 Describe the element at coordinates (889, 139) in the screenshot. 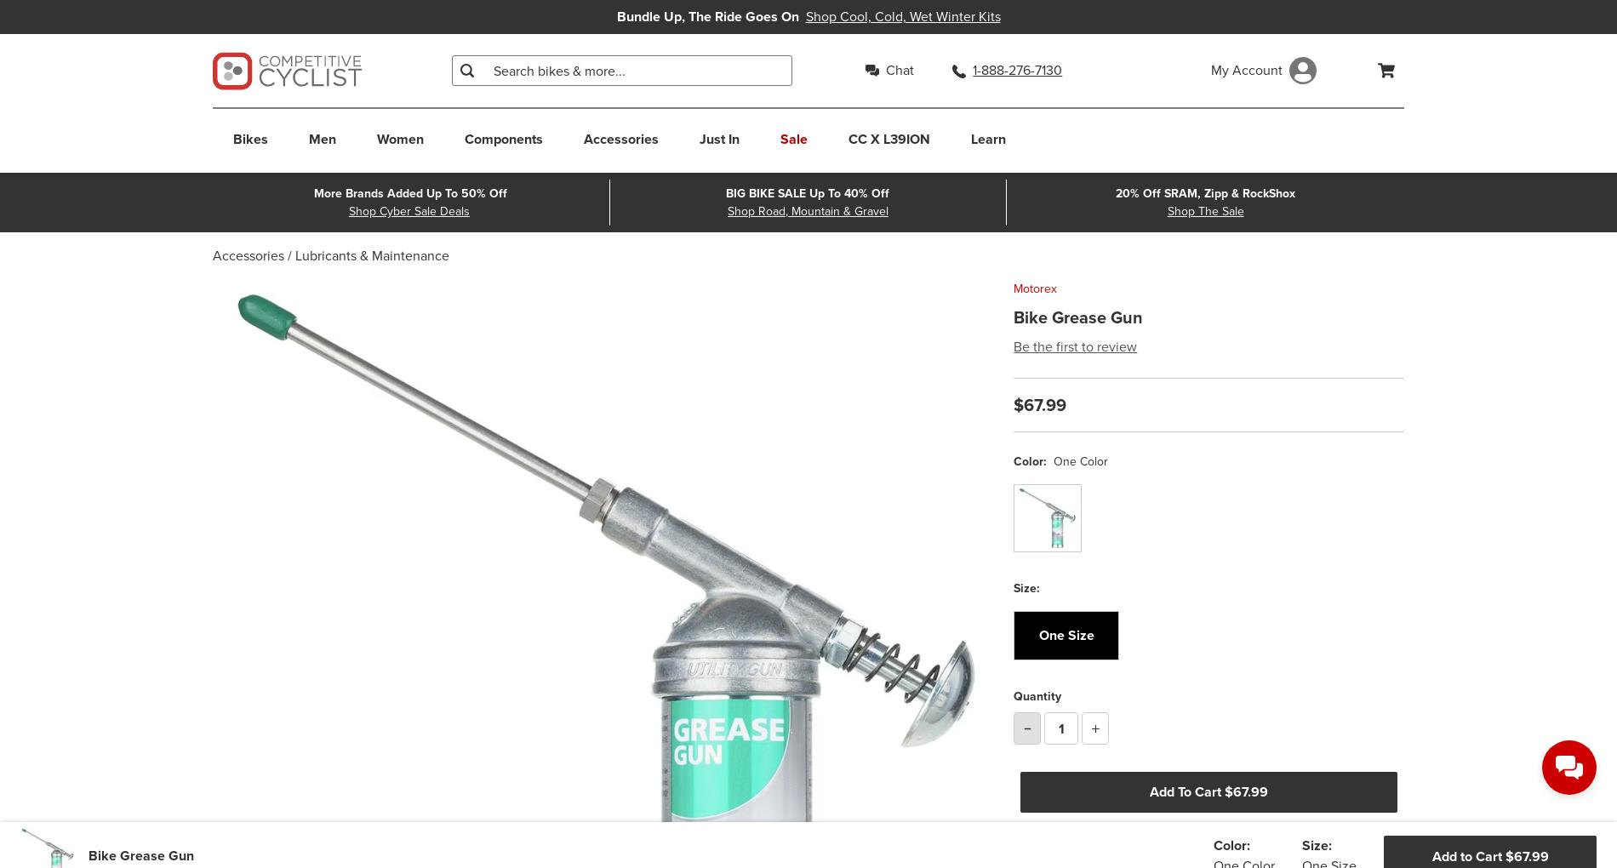

I see `'CC X L39ION'` at that location.